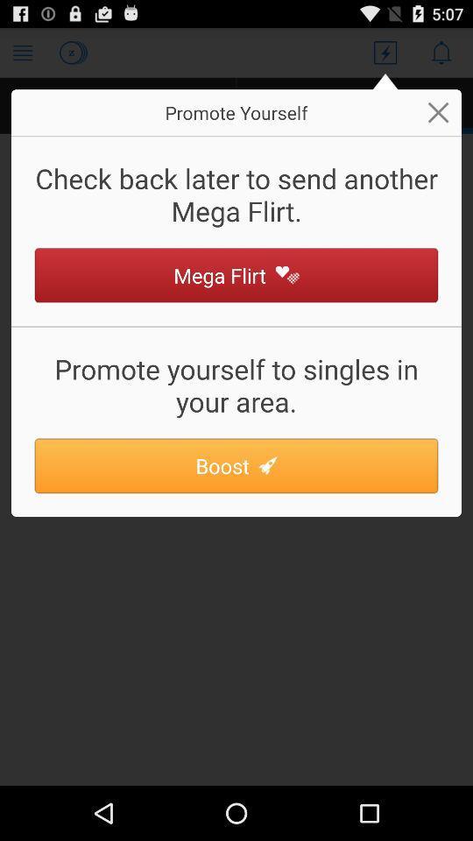  Describe the element at coordinates (437, 111) in the screenshot. I see `button` at that location.